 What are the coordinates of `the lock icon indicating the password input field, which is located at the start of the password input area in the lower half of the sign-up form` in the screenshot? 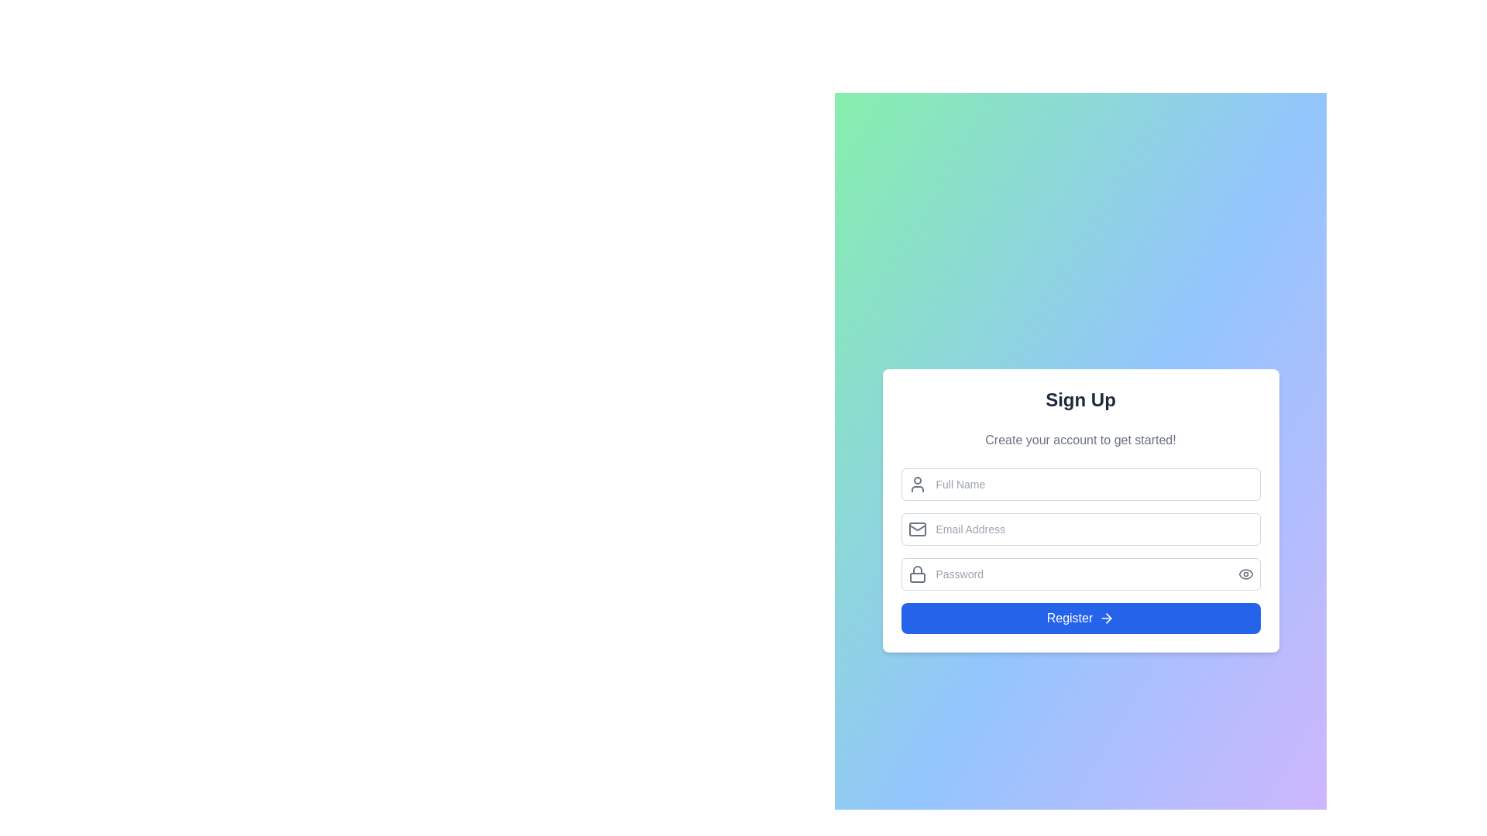 It's located at (917, 574).